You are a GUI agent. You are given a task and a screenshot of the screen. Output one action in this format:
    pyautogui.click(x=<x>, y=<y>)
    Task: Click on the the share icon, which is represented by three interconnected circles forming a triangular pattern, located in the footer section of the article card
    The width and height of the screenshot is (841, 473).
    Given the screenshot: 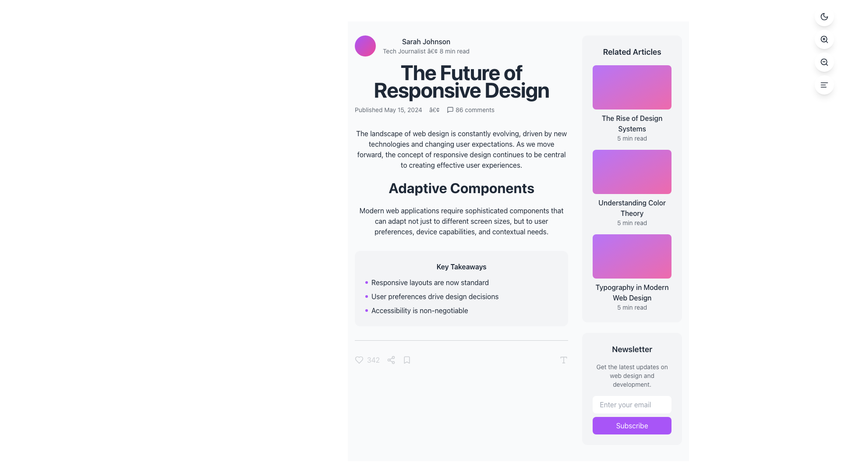 What is the action you would take?
    pyautogui.click(x=390, y=360)
    